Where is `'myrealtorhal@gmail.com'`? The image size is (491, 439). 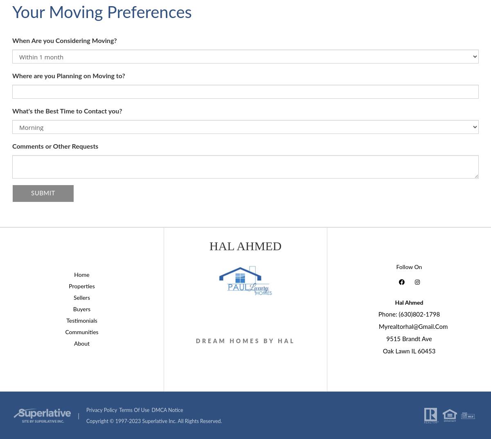 'myrealtorhal@gmail.com' is located at coordinates (413, 326).